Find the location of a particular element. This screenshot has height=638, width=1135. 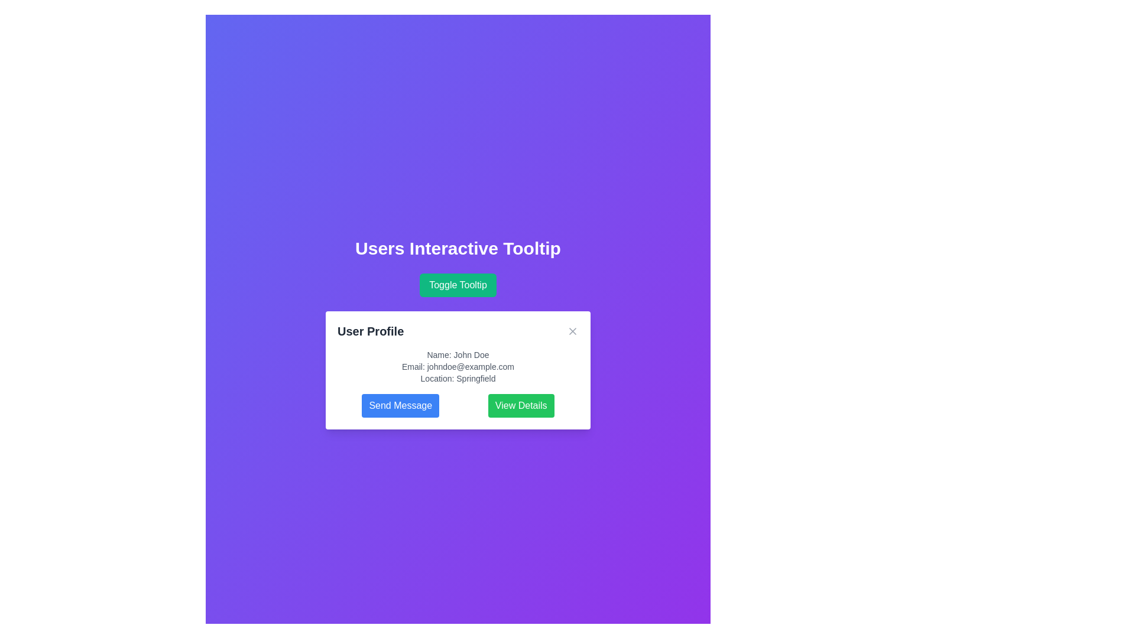

the text heading that displays 'Users Interactive Tooltip' in bold, large white font at the top center of the layout is located at coordinates (457, 248).